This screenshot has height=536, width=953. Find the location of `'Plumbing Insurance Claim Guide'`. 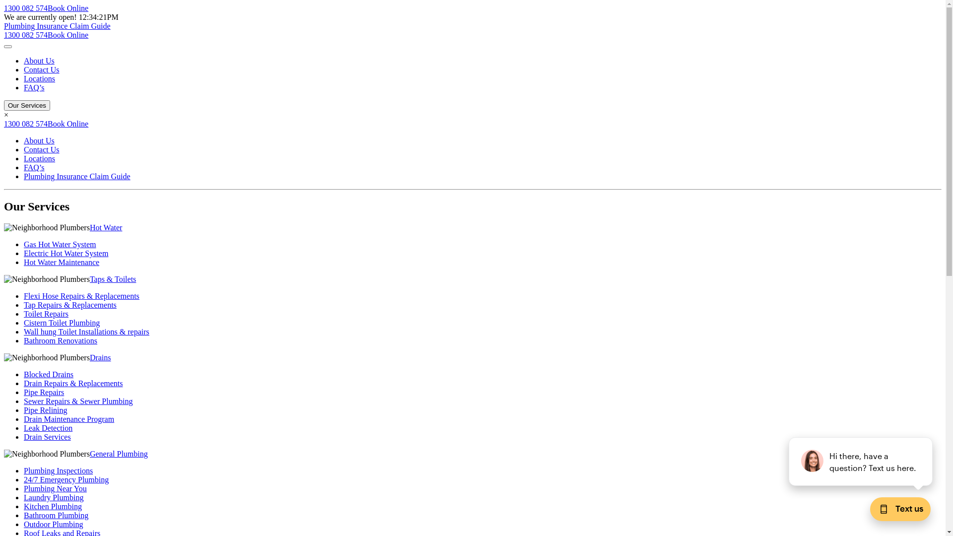

'Plumbing Insurance Claim Guide' is located at coordinates (76, 176).